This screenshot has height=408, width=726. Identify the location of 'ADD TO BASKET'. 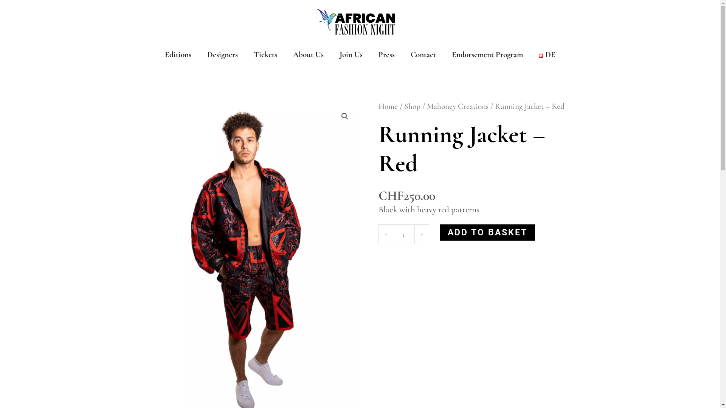
(440, 232).